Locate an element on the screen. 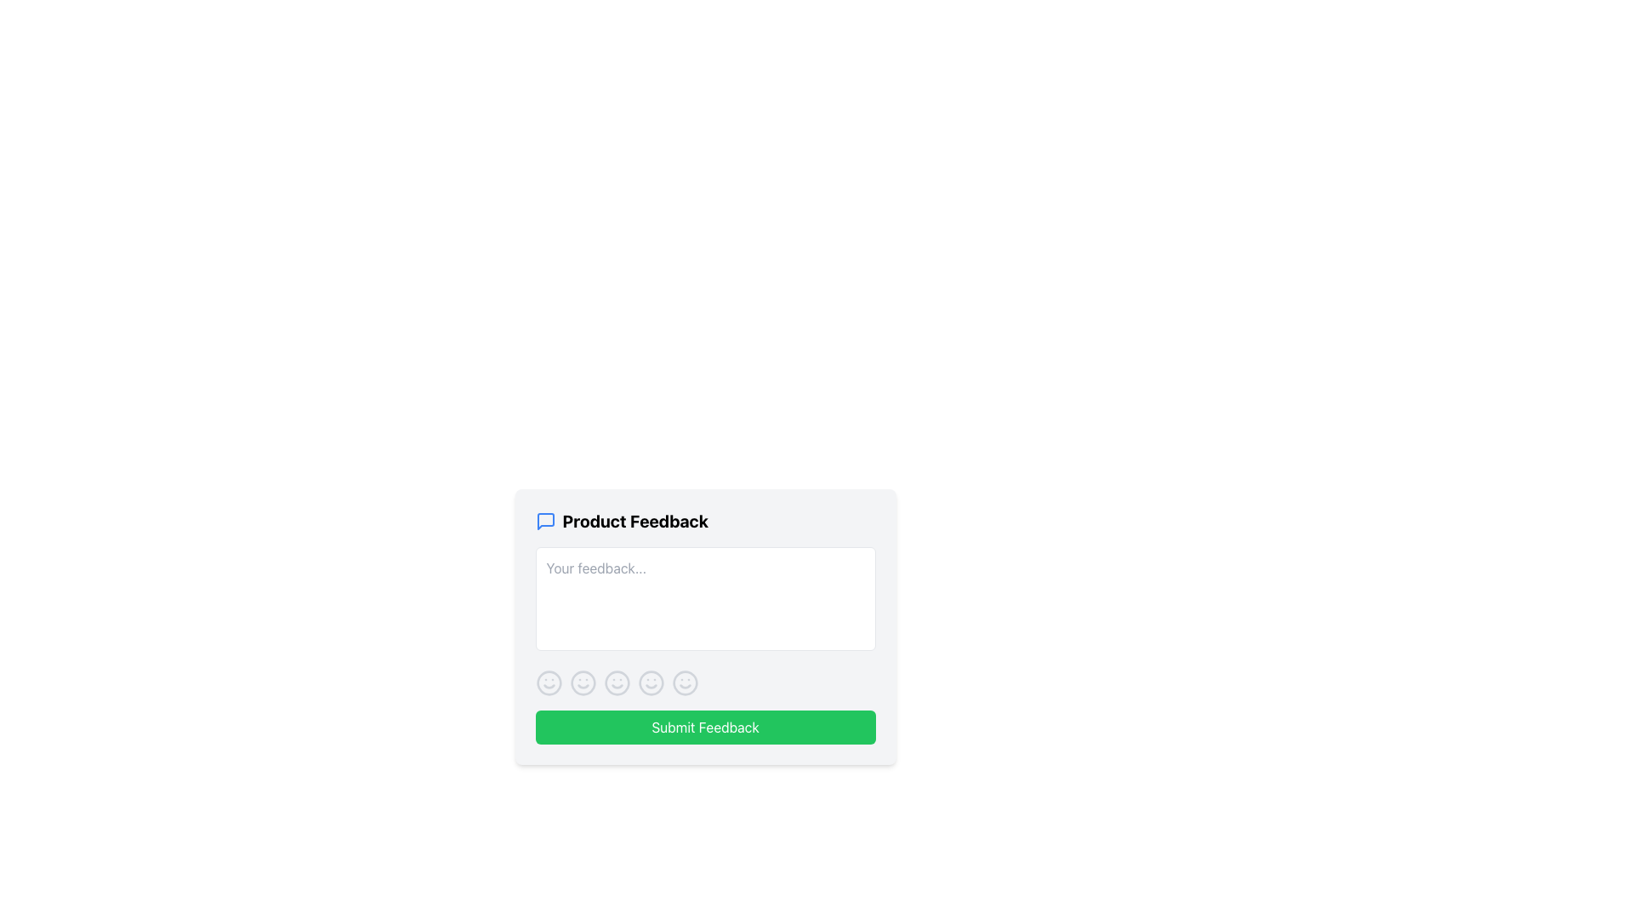 Image resolution: width=1633 pixels, height=919 pixels. blue speech bubble icon located to the left of the 'Product Feedback' text element is located at coordinates (545, 521).